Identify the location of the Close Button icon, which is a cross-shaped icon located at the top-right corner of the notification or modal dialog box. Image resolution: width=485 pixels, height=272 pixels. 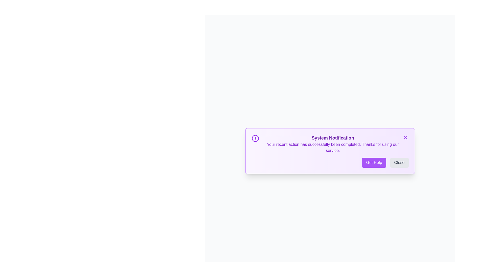
(405, 138).